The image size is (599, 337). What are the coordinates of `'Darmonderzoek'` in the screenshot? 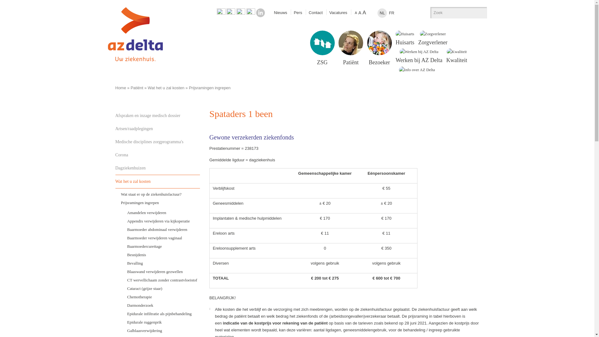 It's located at (161, 305).